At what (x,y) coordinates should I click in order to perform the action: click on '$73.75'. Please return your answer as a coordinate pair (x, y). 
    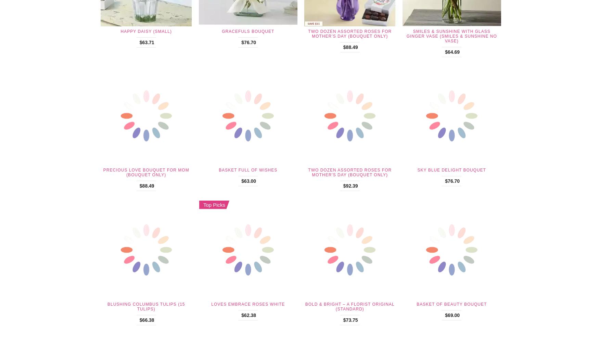
    Looking at the image, I should click on (350, 319).